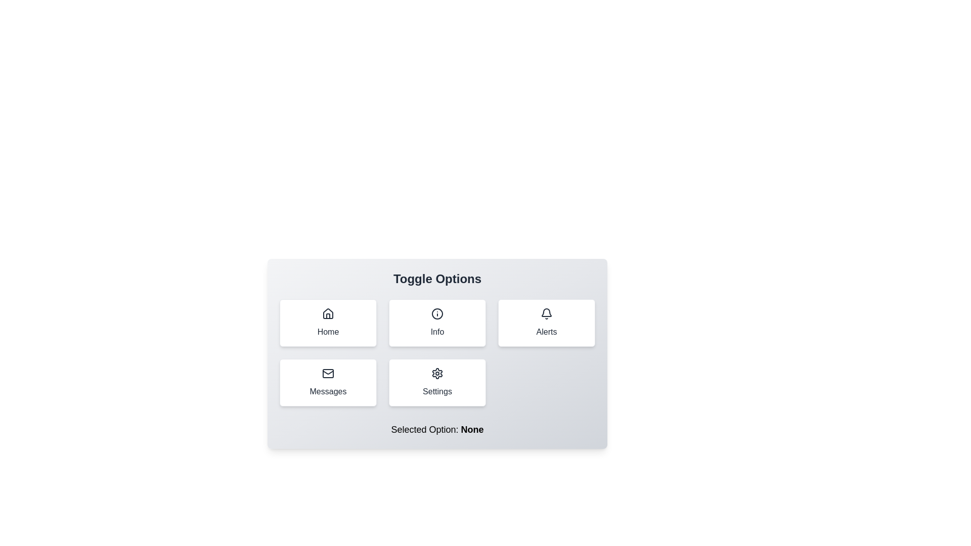  What do you see at coordinates (437, 374) in the screenshot?
I see `the settings icon, which resembles a cogwheel and is located in the second row and third column of the grid` at bounding box center [437, 374].